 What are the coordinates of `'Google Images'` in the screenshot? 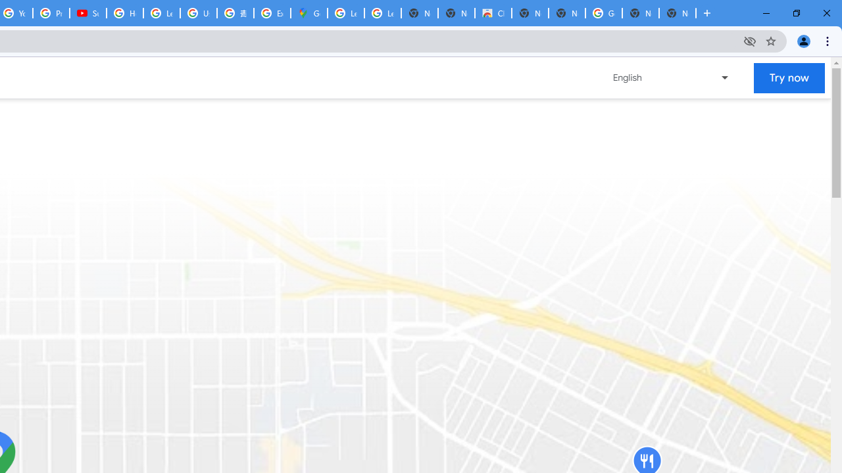 It's located at (603, 13).